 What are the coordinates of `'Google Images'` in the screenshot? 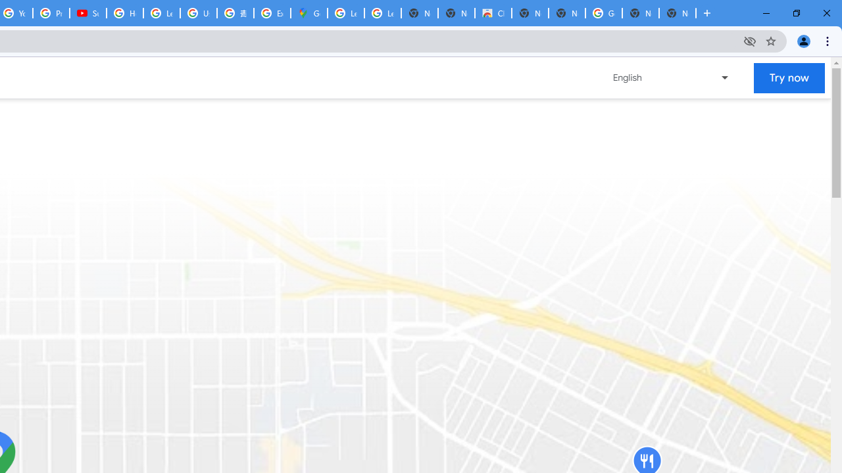 It's located at (603, 13).